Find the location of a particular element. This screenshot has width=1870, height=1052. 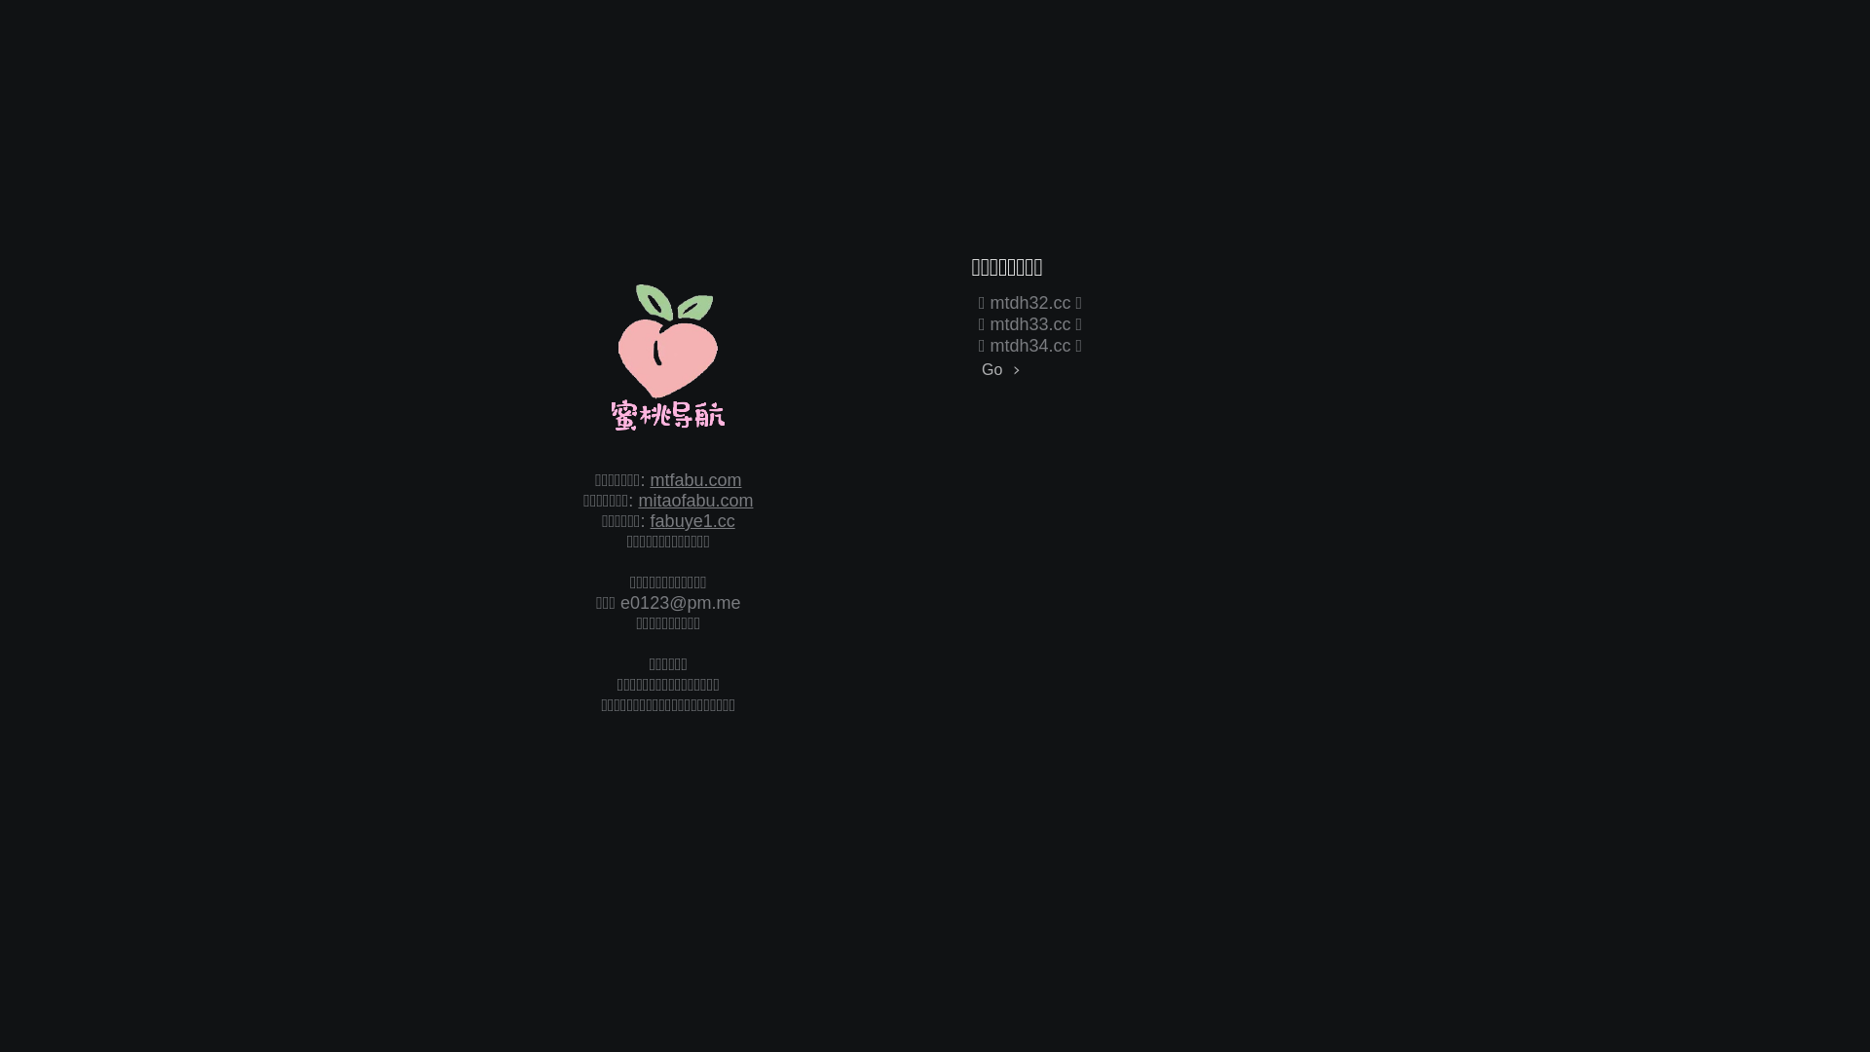

'mtfabu.com' is located at coordinates (695, 480).